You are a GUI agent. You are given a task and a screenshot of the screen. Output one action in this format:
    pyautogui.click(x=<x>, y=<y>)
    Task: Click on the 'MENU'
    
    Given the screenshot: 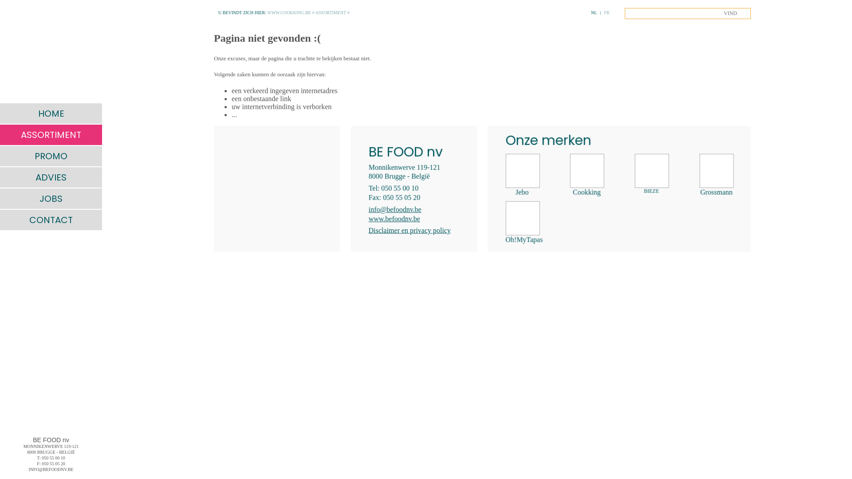 What is the action you would take?
    pyautogui.click(x=10, y=10)
    